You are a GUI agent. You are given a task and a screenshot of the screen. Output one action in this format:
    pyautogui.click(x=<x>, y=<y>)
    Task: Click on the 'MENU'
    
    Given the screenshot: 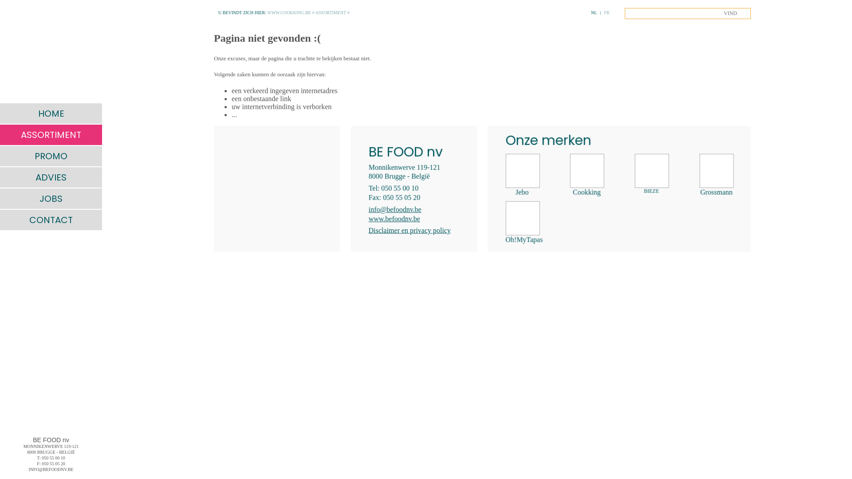 What is the action you would take?
    pyautogui.click(x=10, y=10)
    